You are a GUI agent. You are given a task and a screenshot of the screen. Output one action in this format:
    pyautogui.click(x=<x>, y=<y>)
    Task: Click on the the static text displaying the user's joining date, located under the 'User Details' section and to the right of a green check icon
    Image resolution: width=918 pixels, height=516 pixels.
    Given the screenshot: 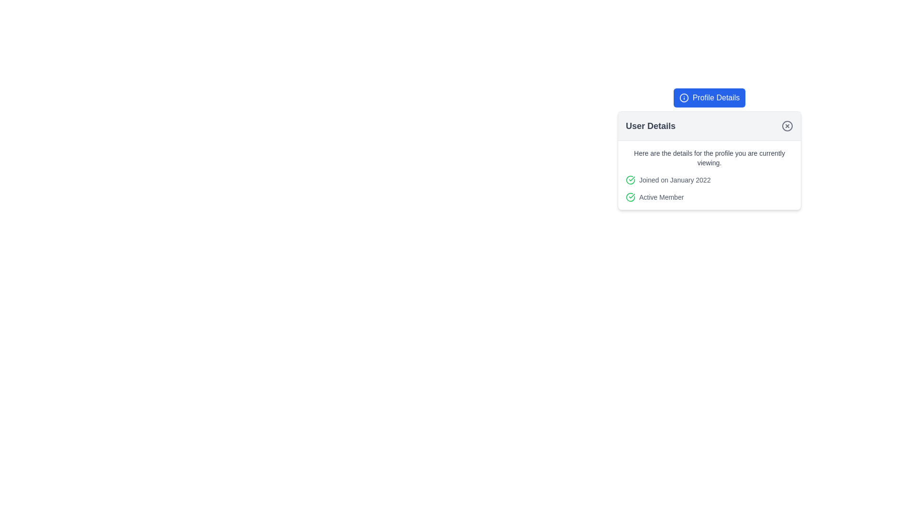 What is the action you would take?
    pyautogui.click(x=674, y=180)
    